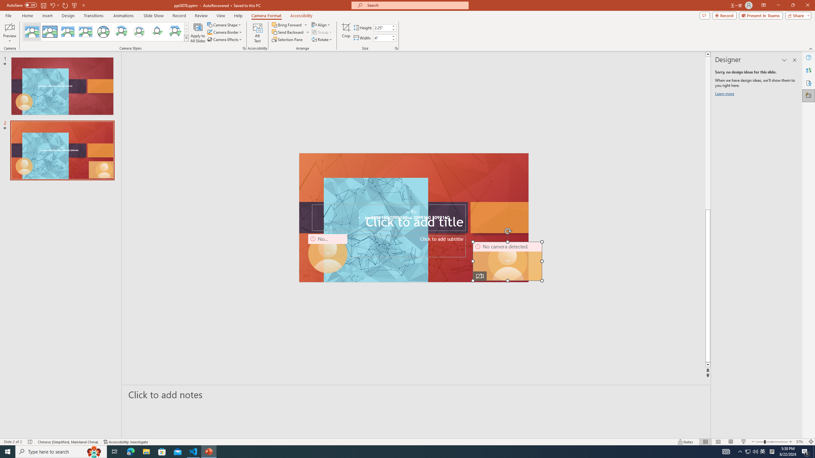  What do you see at coordinates (49, 31) in the screenshot?
I see `'Simple Frame Rectangle'` at bounding box center [49, 31].